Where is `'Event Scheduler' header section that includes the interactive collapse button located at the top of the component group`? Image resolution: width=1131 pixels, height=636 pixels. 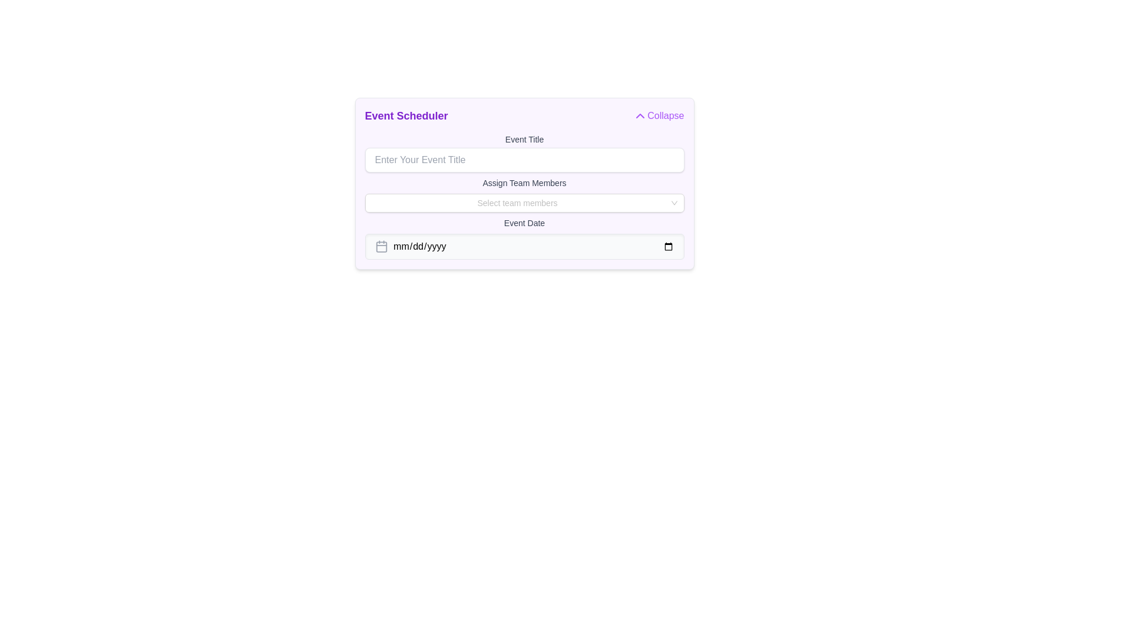 'Event Scheduler' header section that includes the interactive collapse button located at the top of the component group is located at coordinates (524, 115).